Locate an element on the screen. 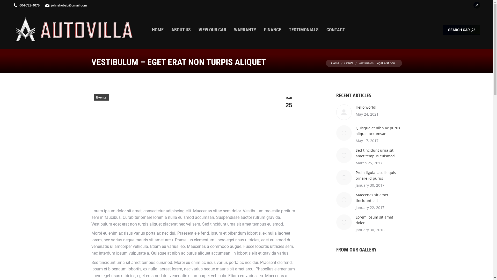  'Maecenas sit amet tincidunt elit' is located at coordinates (379, 198).